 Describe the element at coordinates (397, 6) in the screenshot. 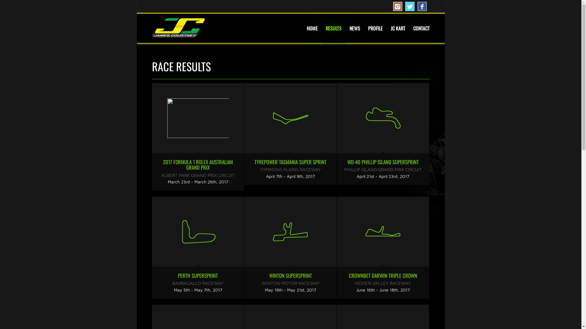

I see `'Instagram'` at that location.